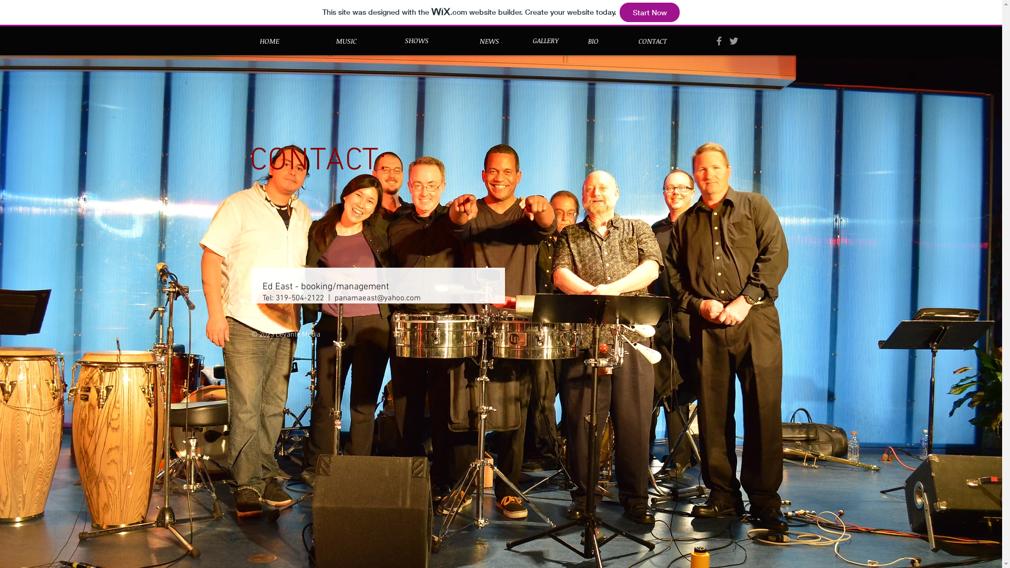 This screenshot has width=1010, height=568. I want to click on 'GALLERY', so click(546, 40).